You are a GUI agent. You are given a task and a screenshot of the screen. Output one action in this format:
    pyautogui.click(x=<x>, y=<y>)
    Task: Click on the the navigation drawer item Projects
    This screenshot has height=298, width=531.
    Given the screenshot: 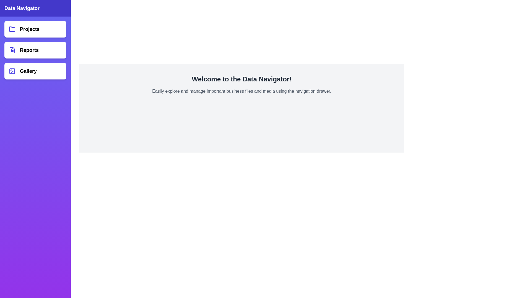 What is the action you would take?
    pyautogui.click(x=35, y=29)
    